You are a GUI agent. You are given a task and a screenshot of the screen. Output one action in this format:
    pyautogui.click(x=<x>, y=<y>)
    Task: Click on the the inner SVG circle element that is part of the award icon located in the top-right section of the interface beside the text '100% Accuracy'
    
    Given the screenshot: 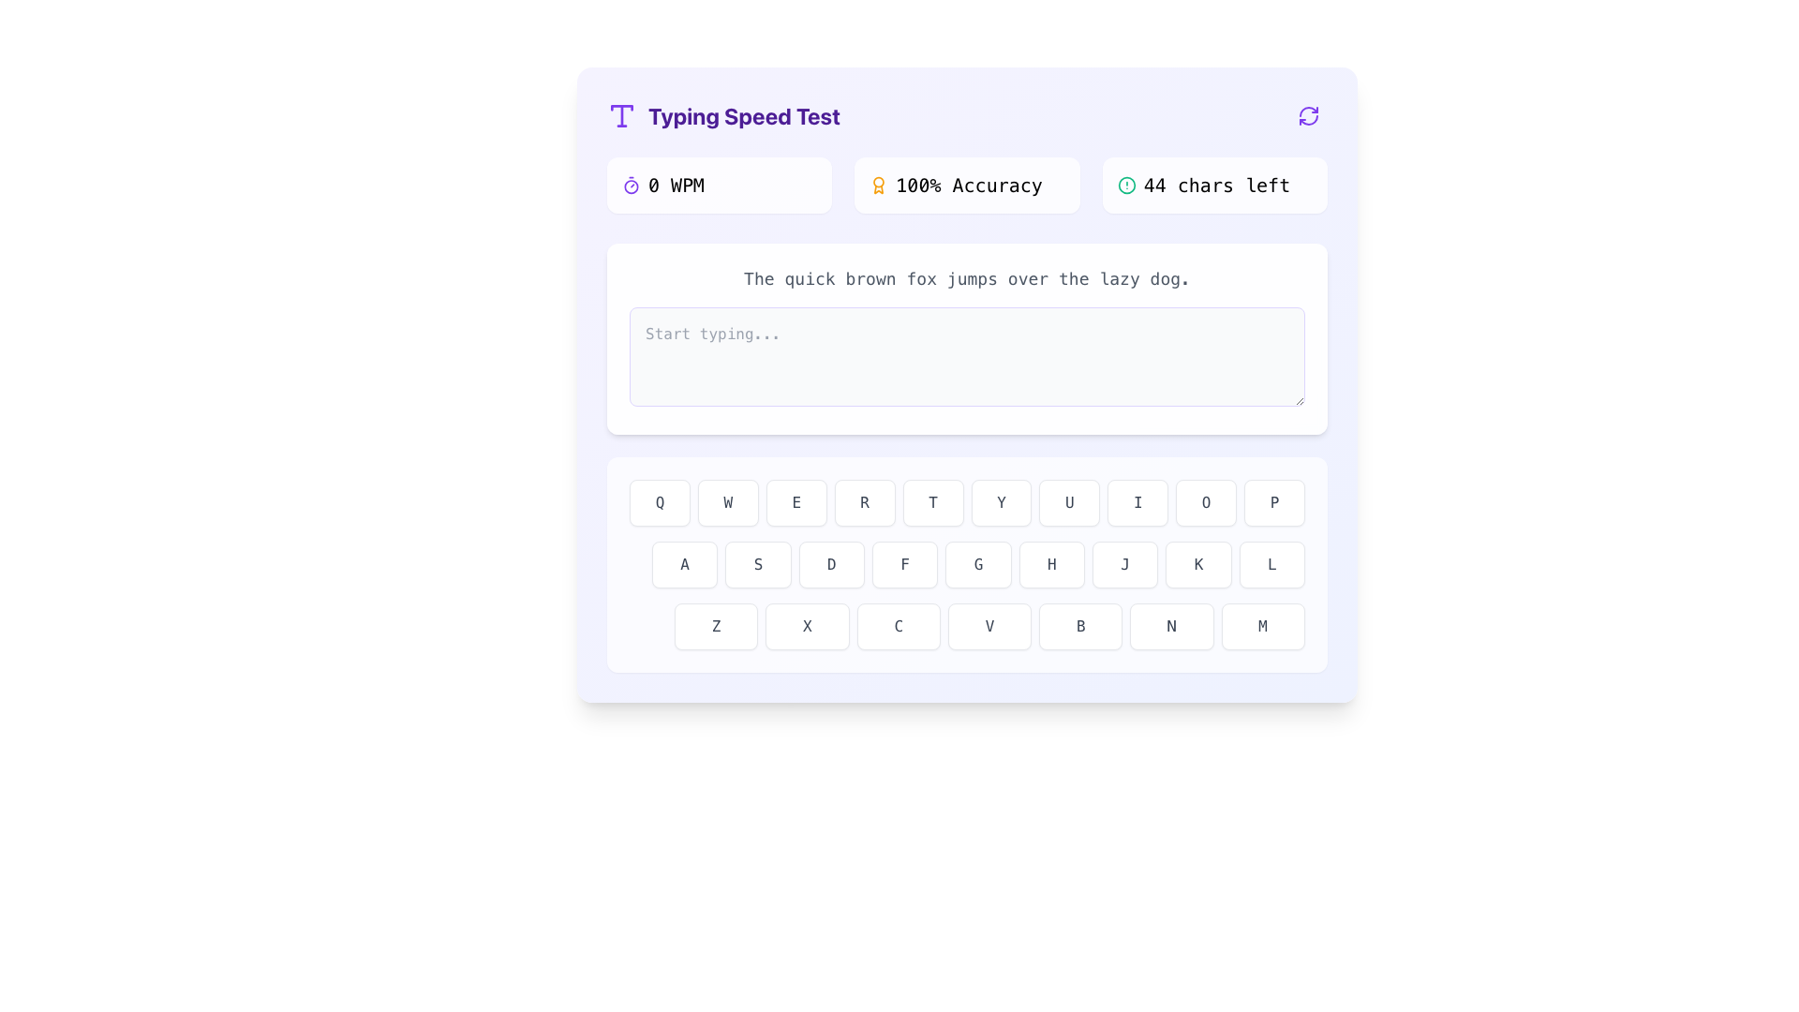 What is the action you would take?
    pyautogui.click(x=878, y=182)
    